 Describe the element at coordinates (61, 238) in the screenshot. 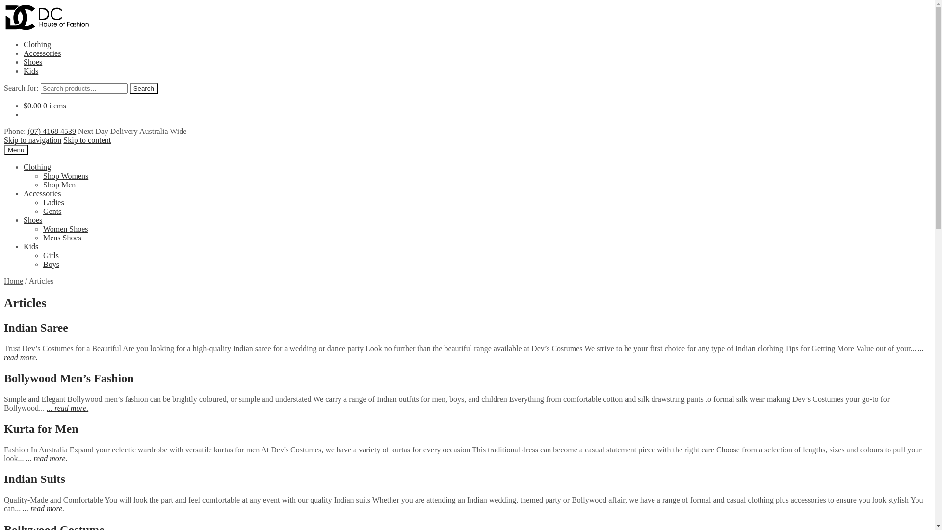

I see `'Mens Shoes'` at that location.